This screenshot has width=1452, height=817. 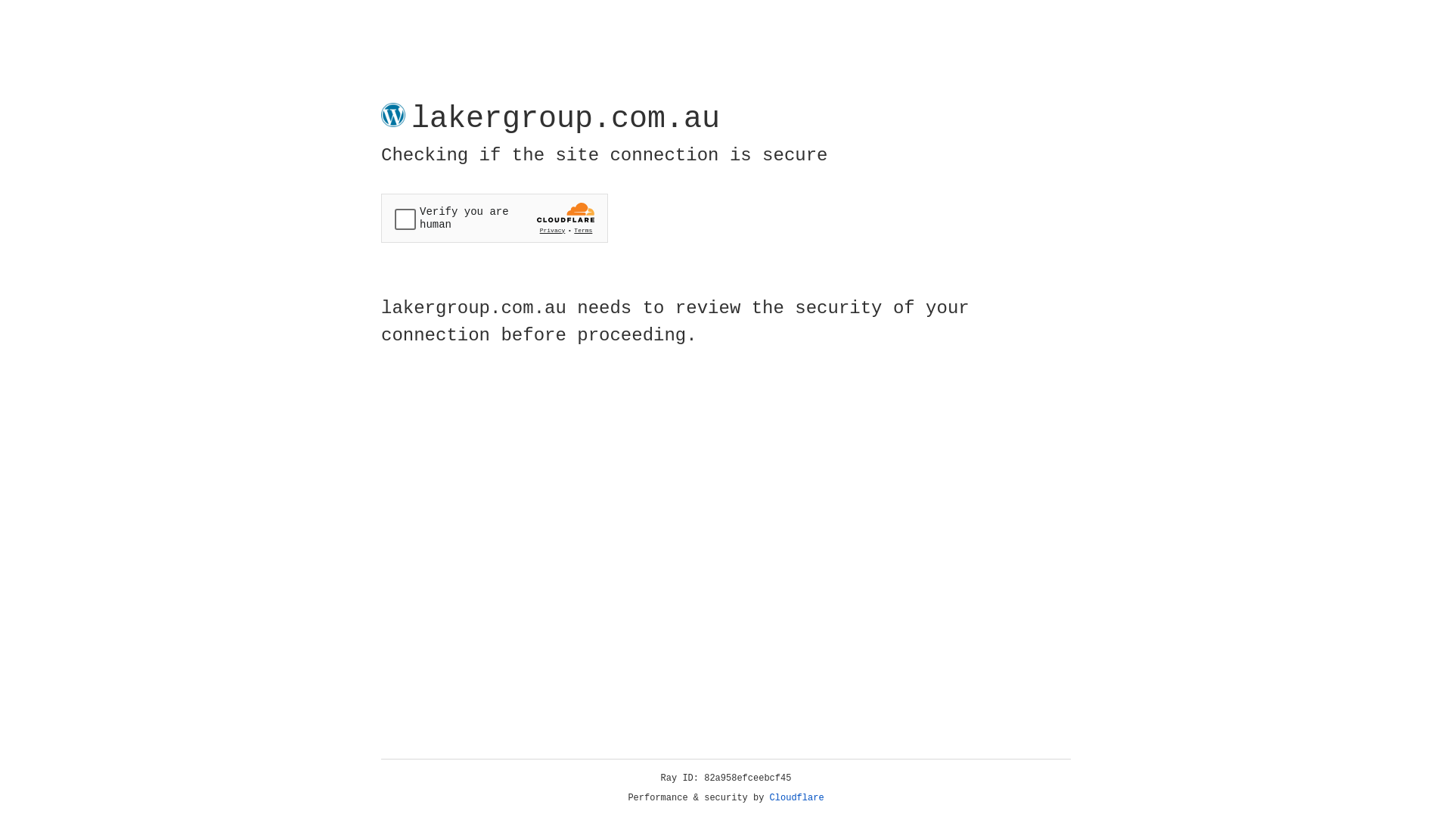 I want to click on 'Cloudflare', so click(x=769, y=797).